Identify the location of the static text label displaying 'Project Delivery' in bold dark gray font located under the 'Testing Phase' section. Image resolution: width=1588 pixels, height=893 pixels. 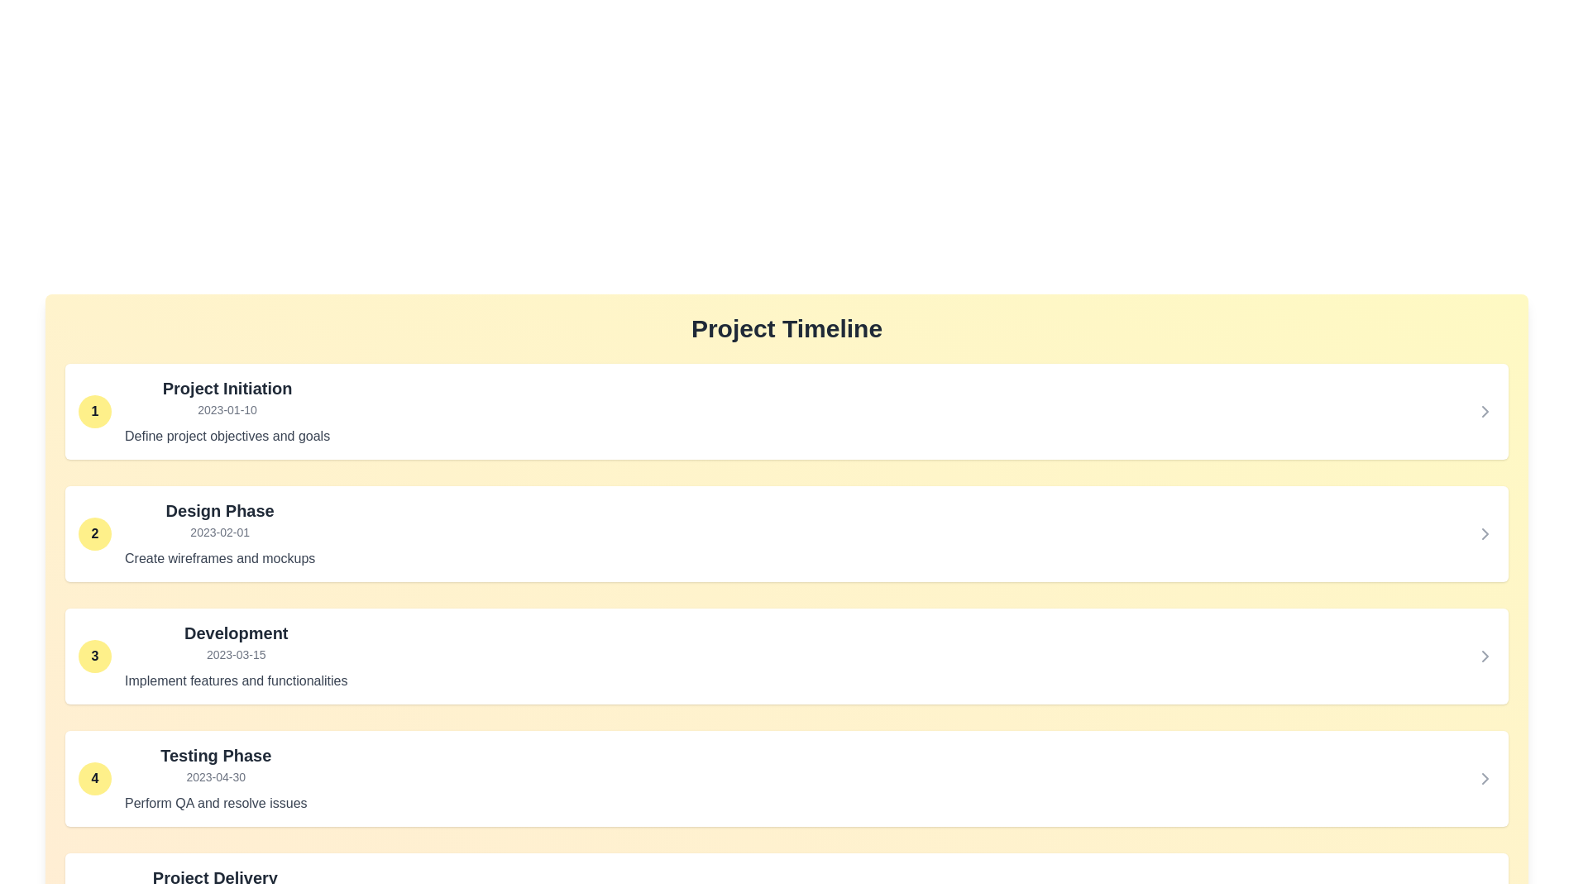
(214, 876).